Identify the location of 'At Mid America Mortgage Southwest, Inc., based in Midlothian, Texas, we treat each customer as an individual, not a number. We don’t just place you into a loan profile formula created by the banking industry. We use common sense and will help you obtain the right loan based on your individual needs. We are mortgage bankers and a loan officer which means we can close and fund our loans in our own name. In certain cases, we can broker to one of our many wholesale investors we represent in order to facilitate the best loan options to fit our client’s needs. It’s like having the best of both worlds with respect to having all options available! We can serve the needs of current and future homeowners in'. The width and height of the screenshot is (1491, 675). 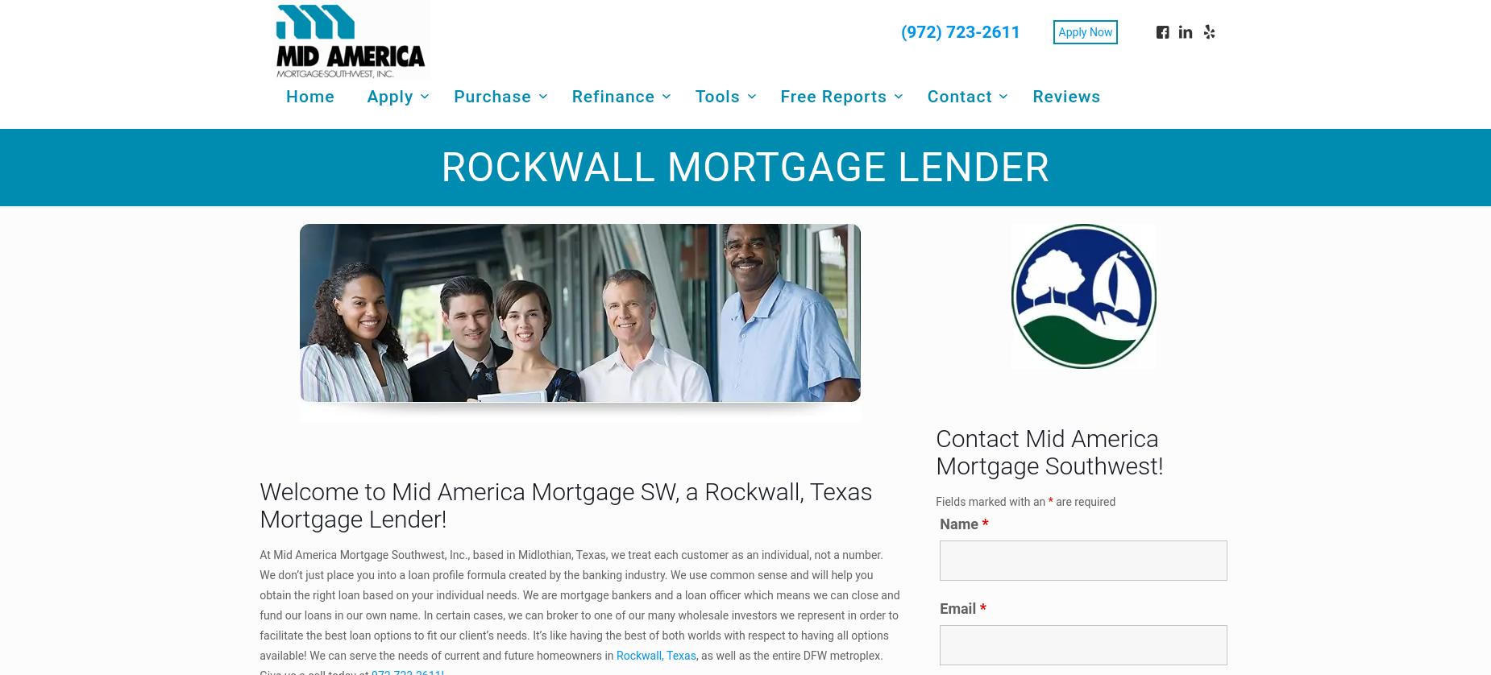
(579, 603).